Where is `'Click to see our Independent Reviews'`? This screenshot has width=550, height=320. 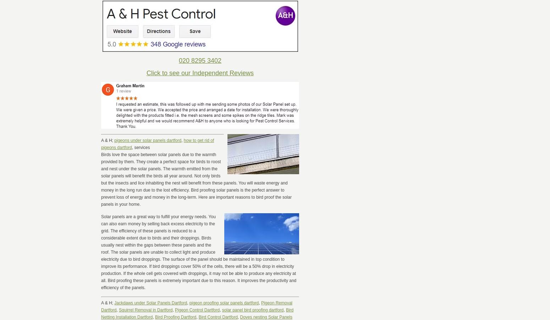 'Click to see our Independent Reviews' is located at coordinates (200, 72).